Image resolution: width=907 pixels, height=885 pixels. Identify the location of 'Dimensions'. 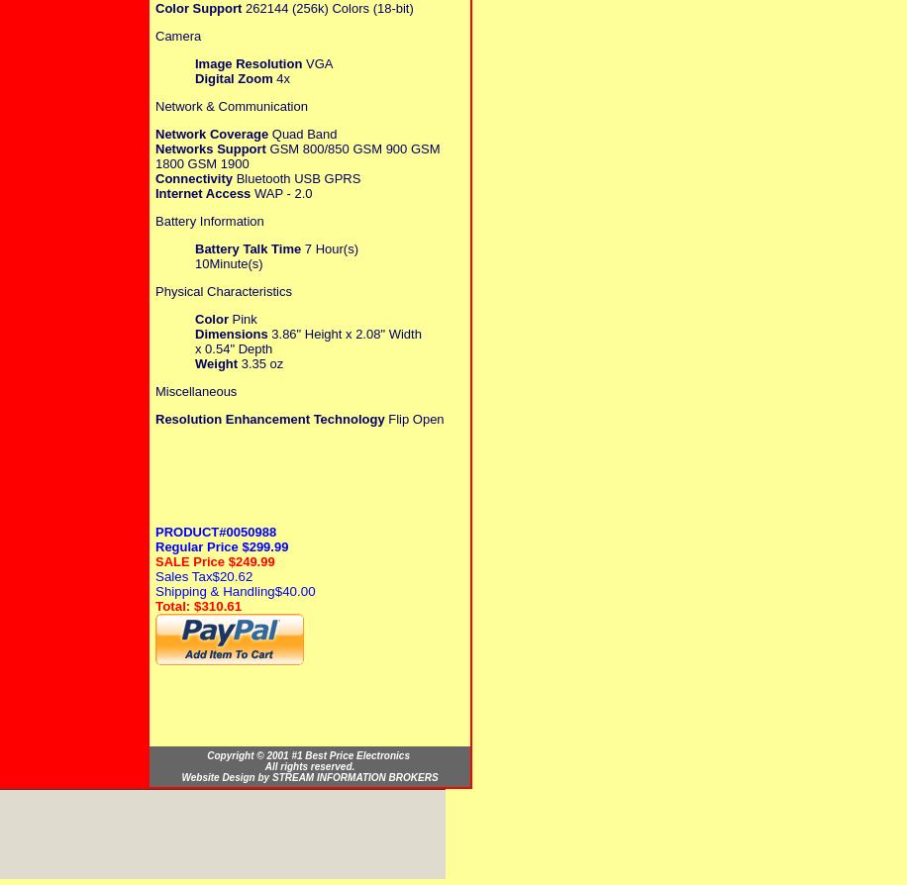
(231, 332).